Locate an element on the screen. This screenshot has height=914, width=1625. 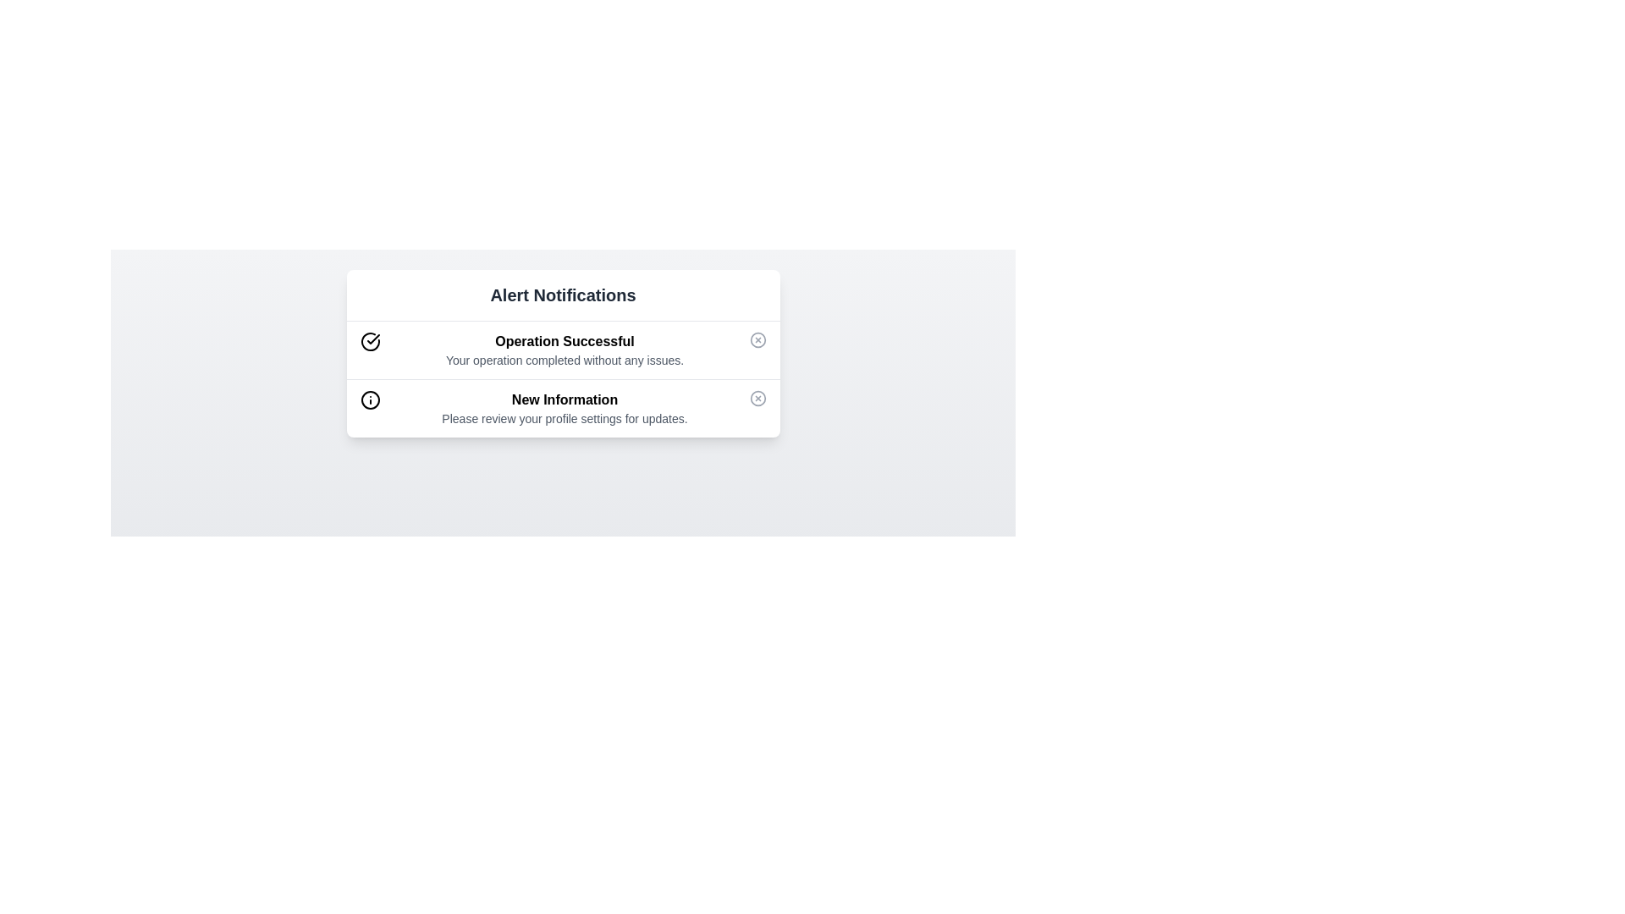
message from the Notification item that contains the bold text 'New Information' and the smaller gray text below it is located at coordinates (563, 408).